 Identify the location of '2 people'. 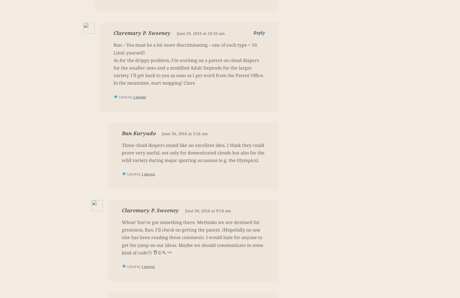
(133, 97).